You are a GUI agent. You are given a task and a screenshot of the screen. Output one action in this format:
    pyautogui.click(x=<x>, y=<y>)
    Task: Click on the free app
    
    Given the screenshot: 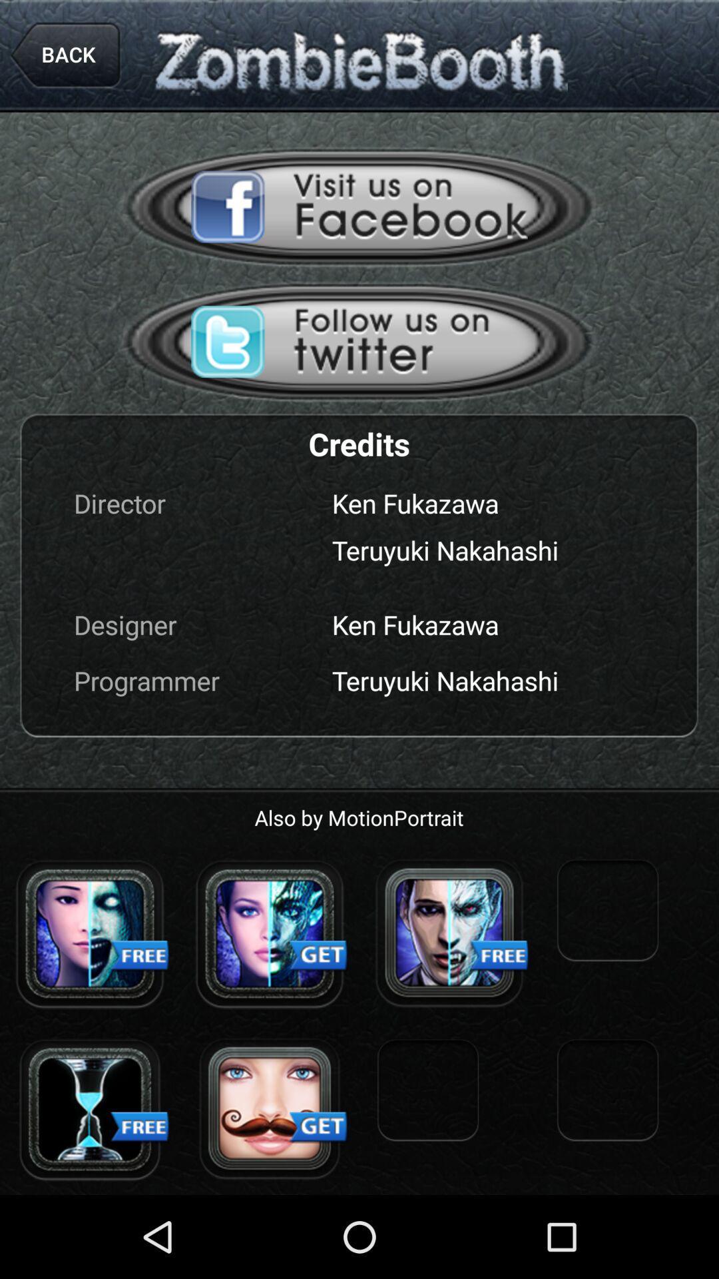 What is the action you would take?
    pyautogui.click(x=449, y=933)
    